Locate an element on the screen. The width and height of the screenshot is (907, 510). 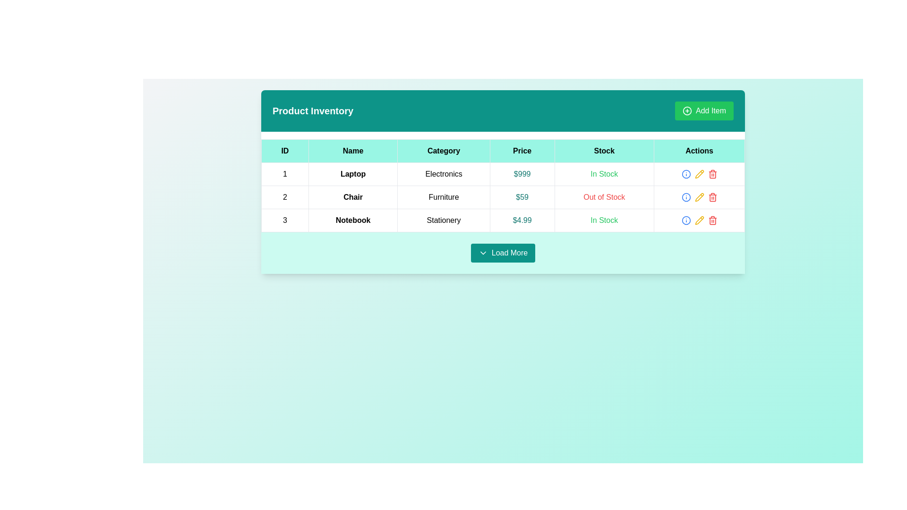
the 'Category' table header cell, which is the third header in a table row styled in bold black font on a light green background is located at coordinates (443, 151).